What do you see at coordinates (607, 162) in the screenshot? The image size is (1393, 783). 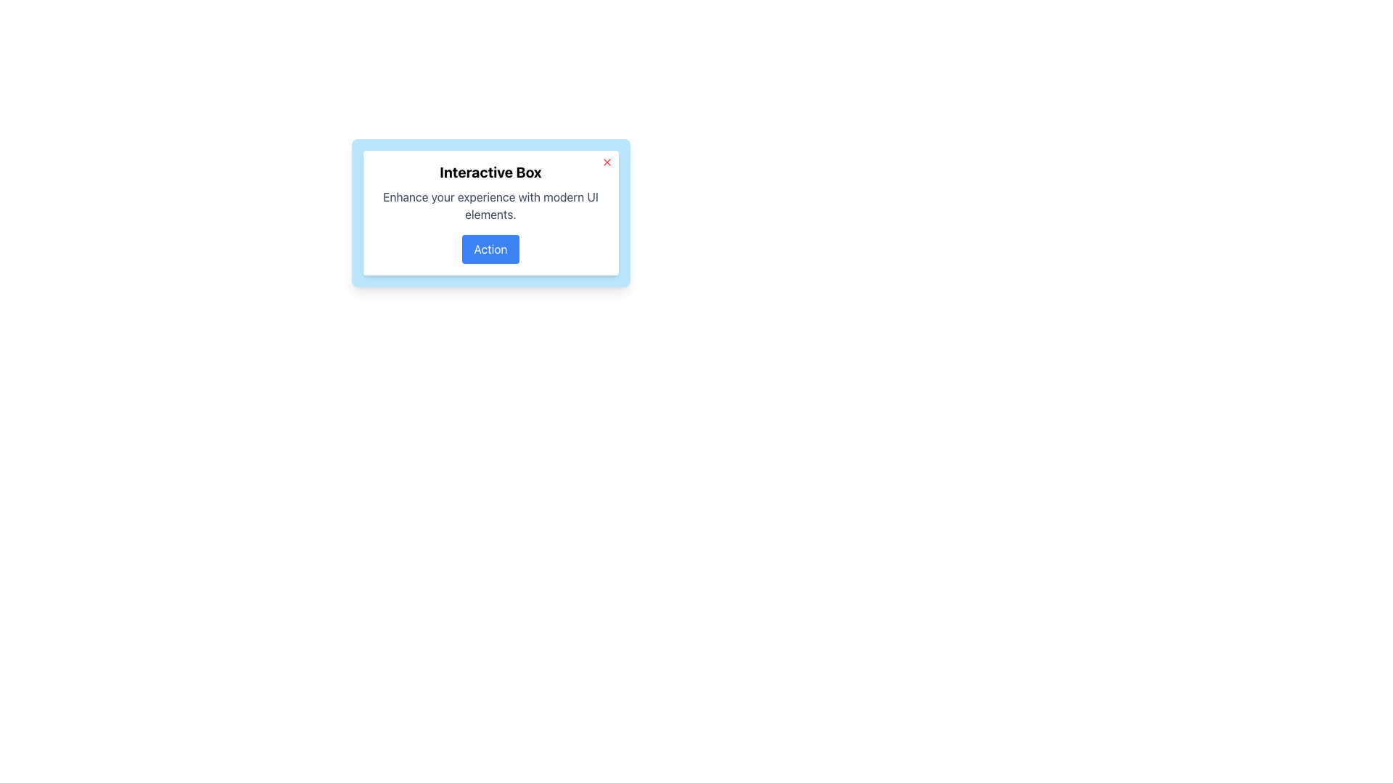 I see `the small square icon button with a red 'X' located at the top-right corner of the 'Interactive Box' card` at bounding box center [607, 162].